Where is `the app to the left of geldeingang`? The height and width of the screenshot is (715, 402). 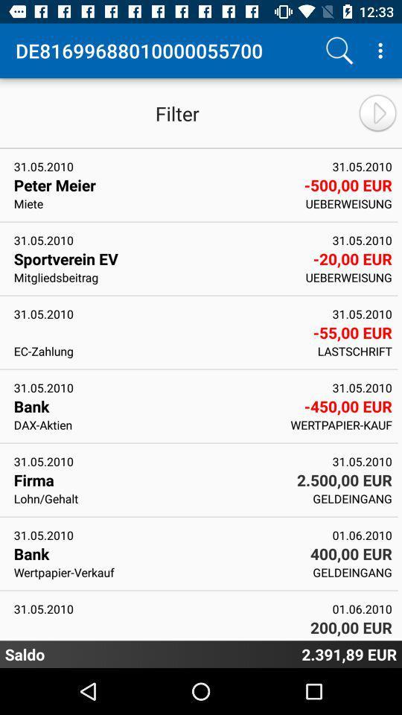 the app to the left of geldeingang is located at coordinates (157, 498).